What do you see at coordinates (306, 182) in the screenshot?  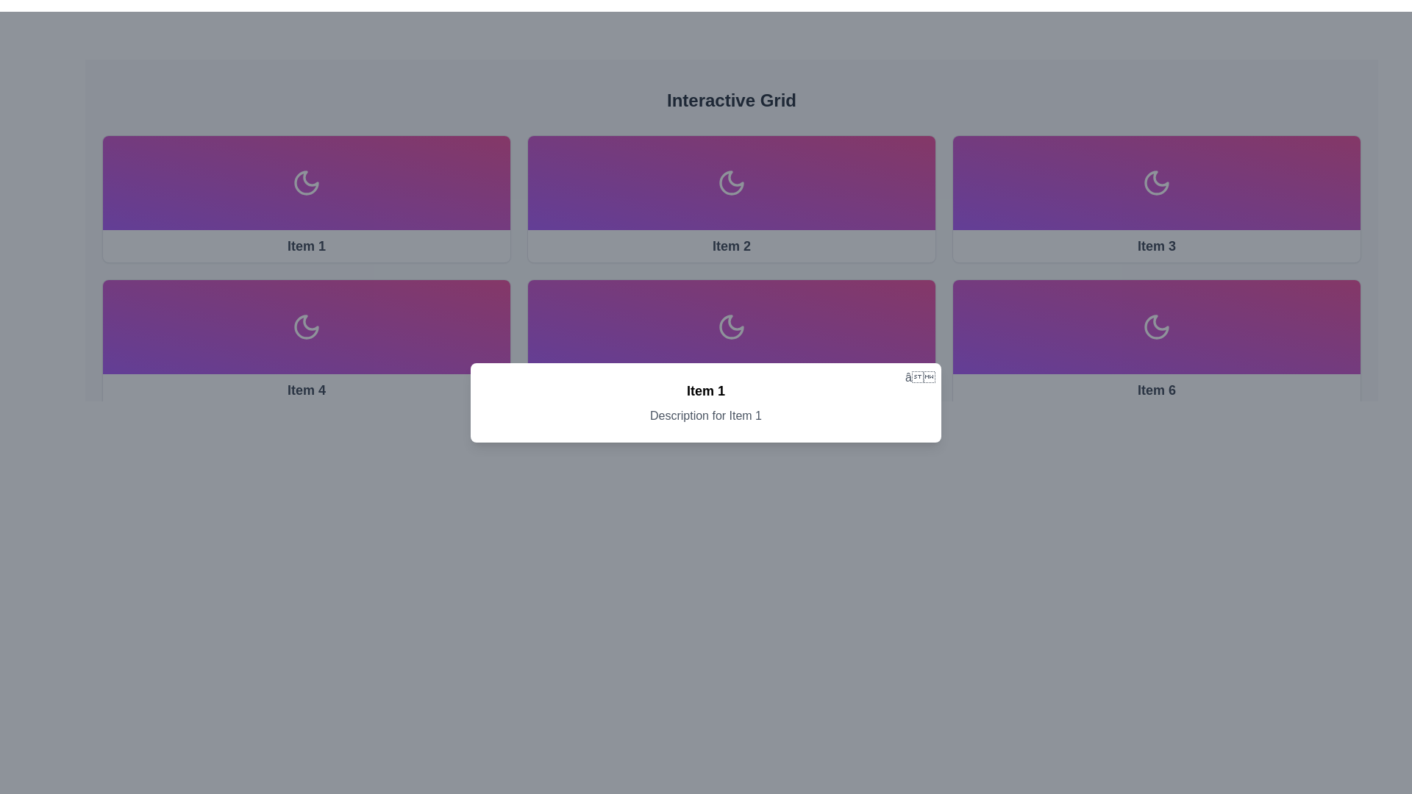 I see `the decorative graphical icon in the upper-left grid cell labeled 'Item 1', which symbolizes night mode or celestial themes` at bounding box center [306, 182].